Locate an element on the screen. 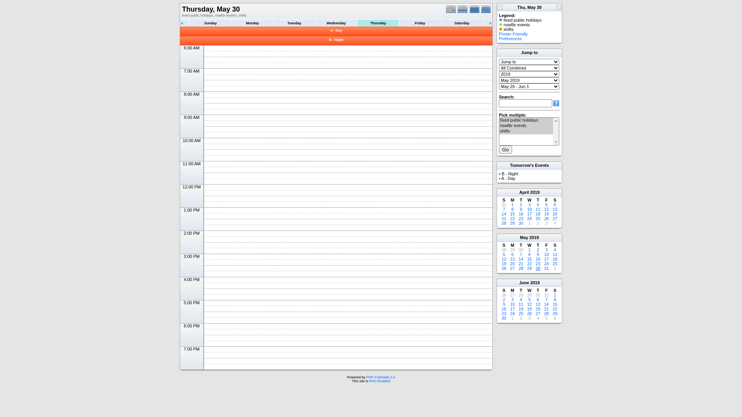 The width and height of the screenshot is (742, 417). '25' is located at coordinates (554, 263).